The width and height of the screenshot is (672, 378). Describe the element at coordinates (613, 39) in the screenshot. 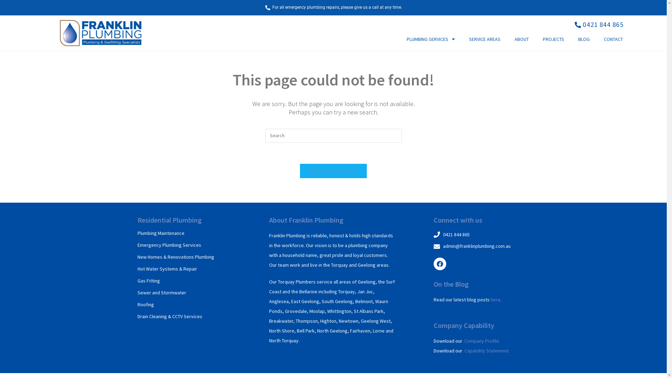

I see `'CONTACT'` at that location.